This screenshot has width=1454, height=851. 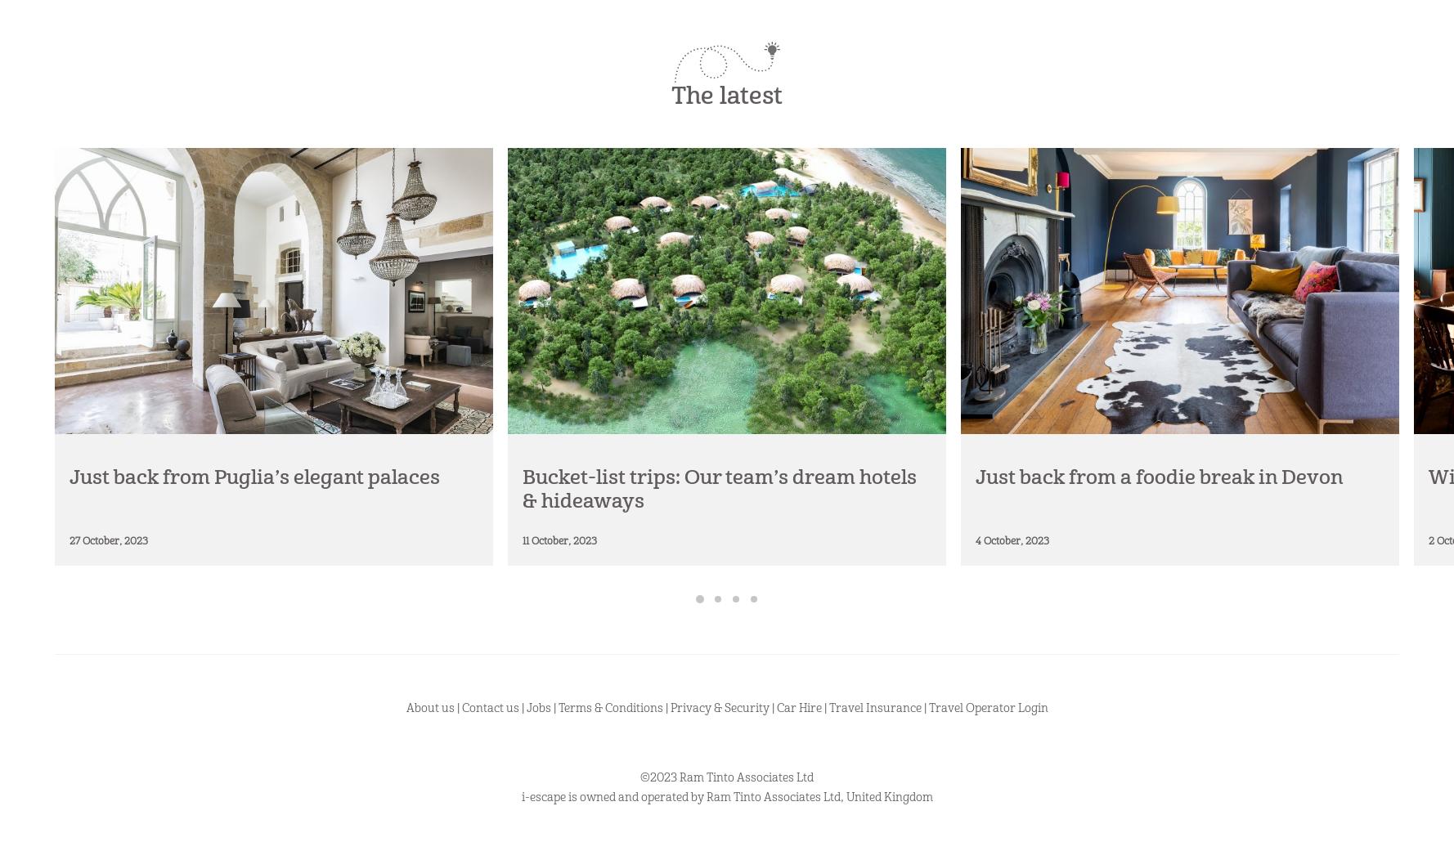 I want to click on 'Contact us', so click(x=489, y=707).